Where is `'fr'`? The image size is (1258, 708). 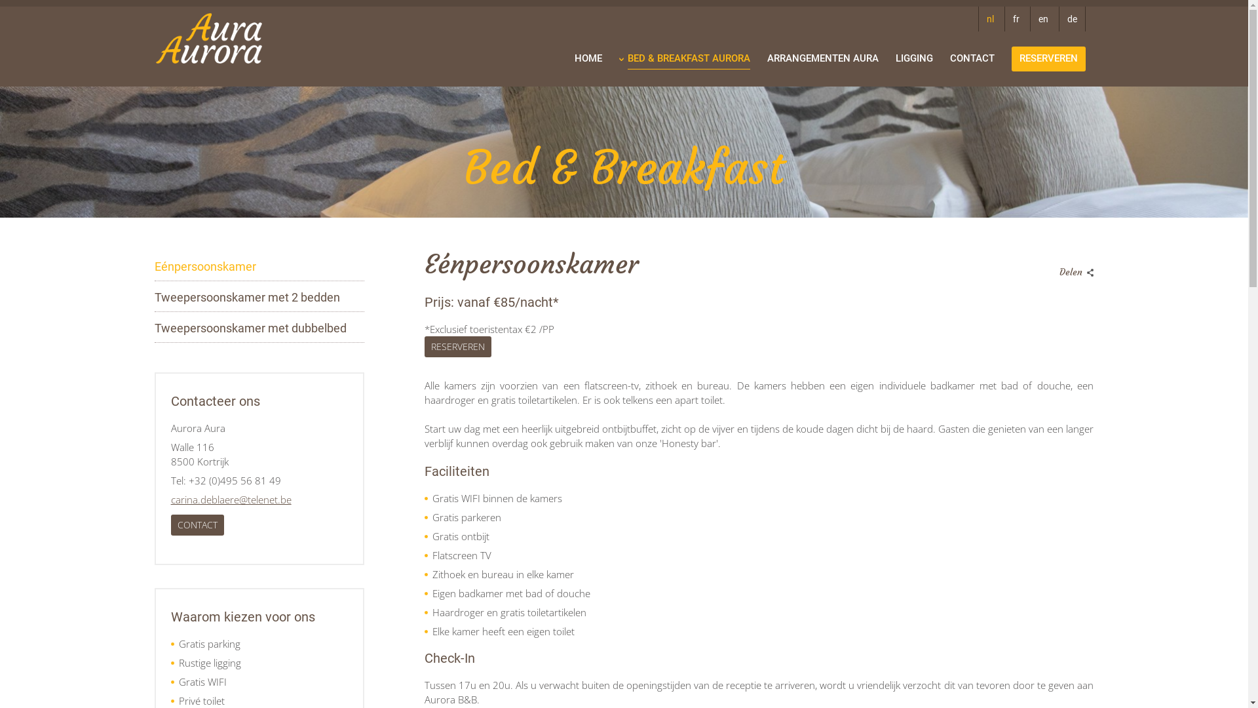
'fr' is located at coordinates (1015, 19).